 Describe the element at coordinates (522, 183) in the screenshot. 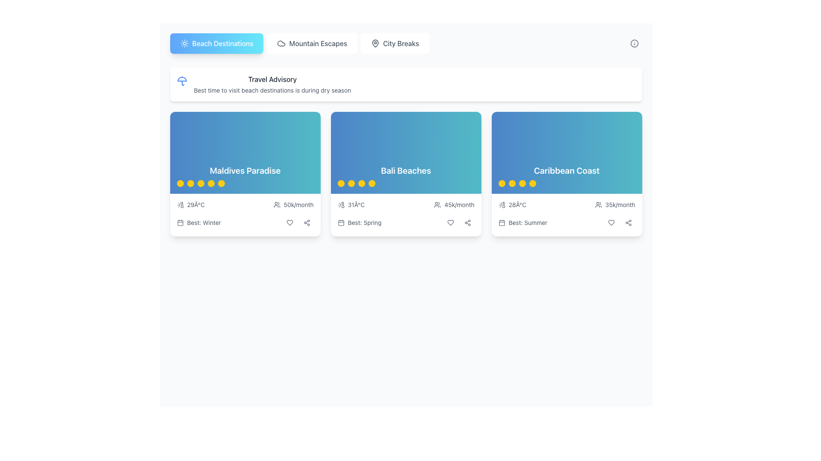

I see `the third circular icon representing a rating star, which is located below the heading 'Caribbean Coast' in the rightmost card of three cards` at that location.